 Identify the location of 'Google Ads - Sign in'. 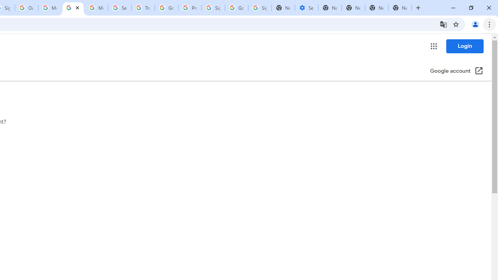
(166, 8).